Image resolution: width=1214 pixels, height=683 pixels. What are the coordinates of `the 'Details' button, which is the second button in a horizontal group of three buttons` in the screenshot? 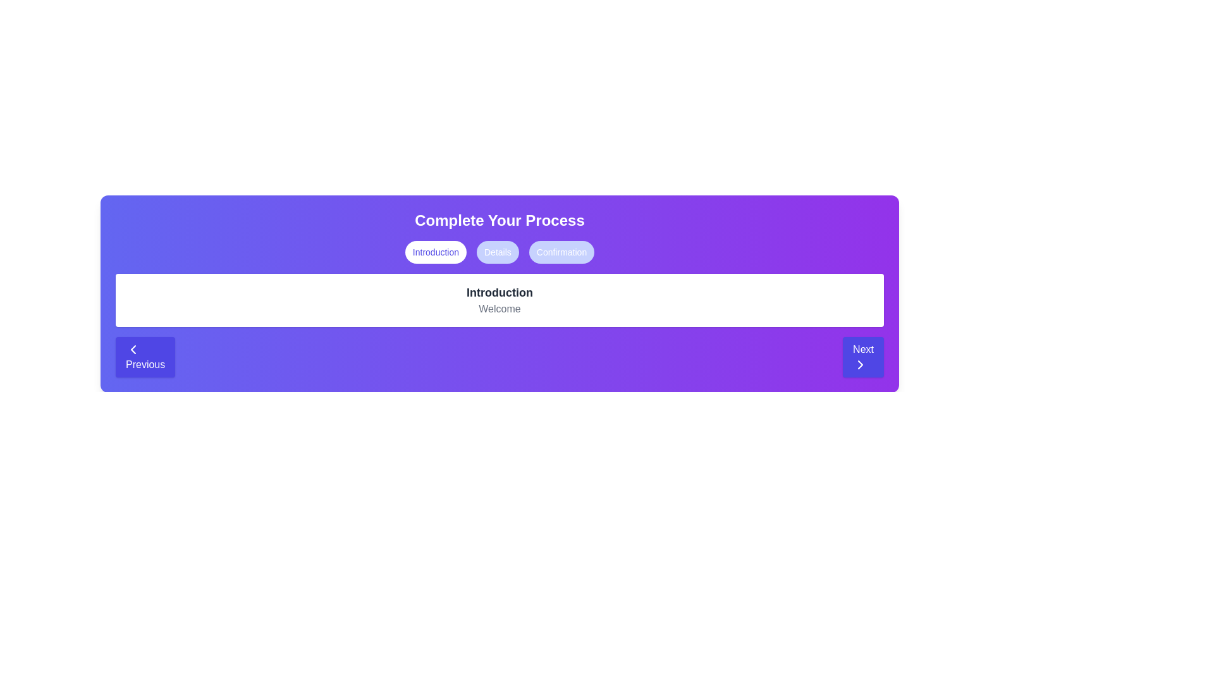 It's located at (497, 252).